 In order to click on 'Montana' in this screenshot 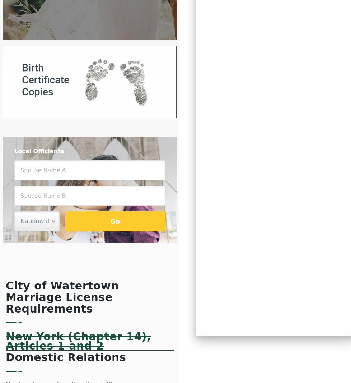, I will do `click(231, 29)`.